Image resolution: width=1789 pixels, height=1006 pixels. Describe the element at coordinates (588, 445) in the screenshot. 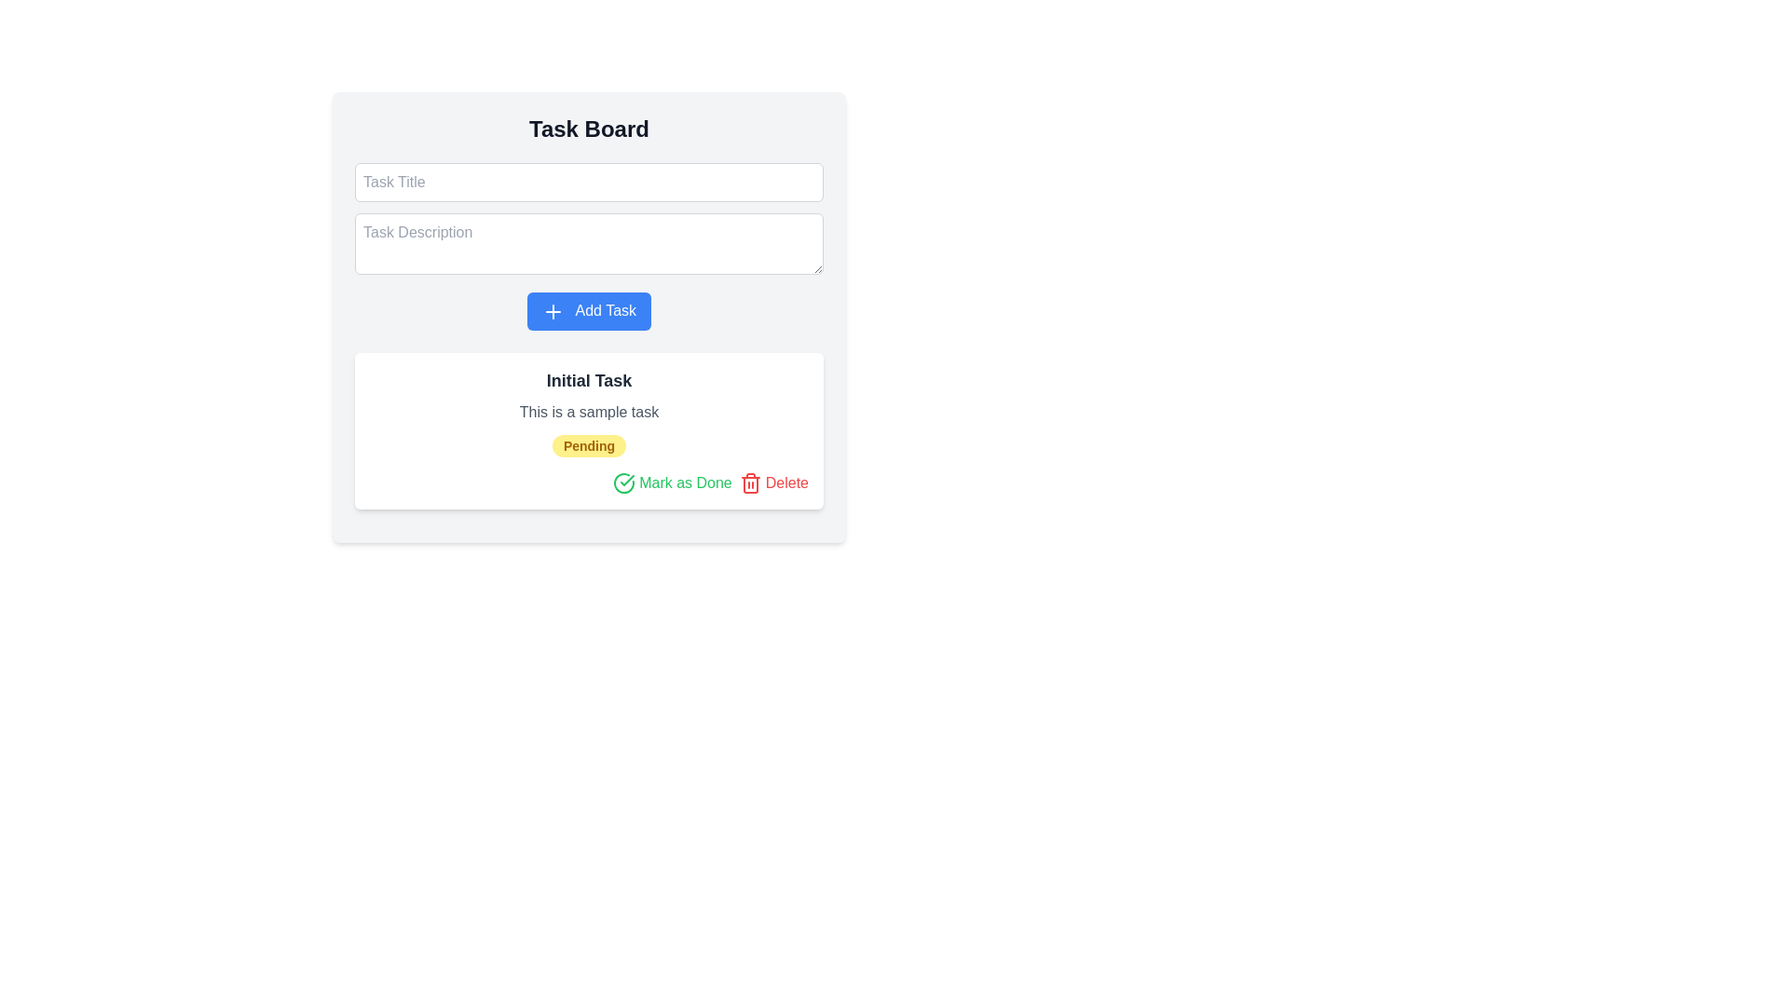

I see `the status indicator Badge located in the 'Initial Task' section, below the subtitle 'This is a sample task', and positioned to the left of the 'Mark as Done' and 'Delete' buttons` at that location.